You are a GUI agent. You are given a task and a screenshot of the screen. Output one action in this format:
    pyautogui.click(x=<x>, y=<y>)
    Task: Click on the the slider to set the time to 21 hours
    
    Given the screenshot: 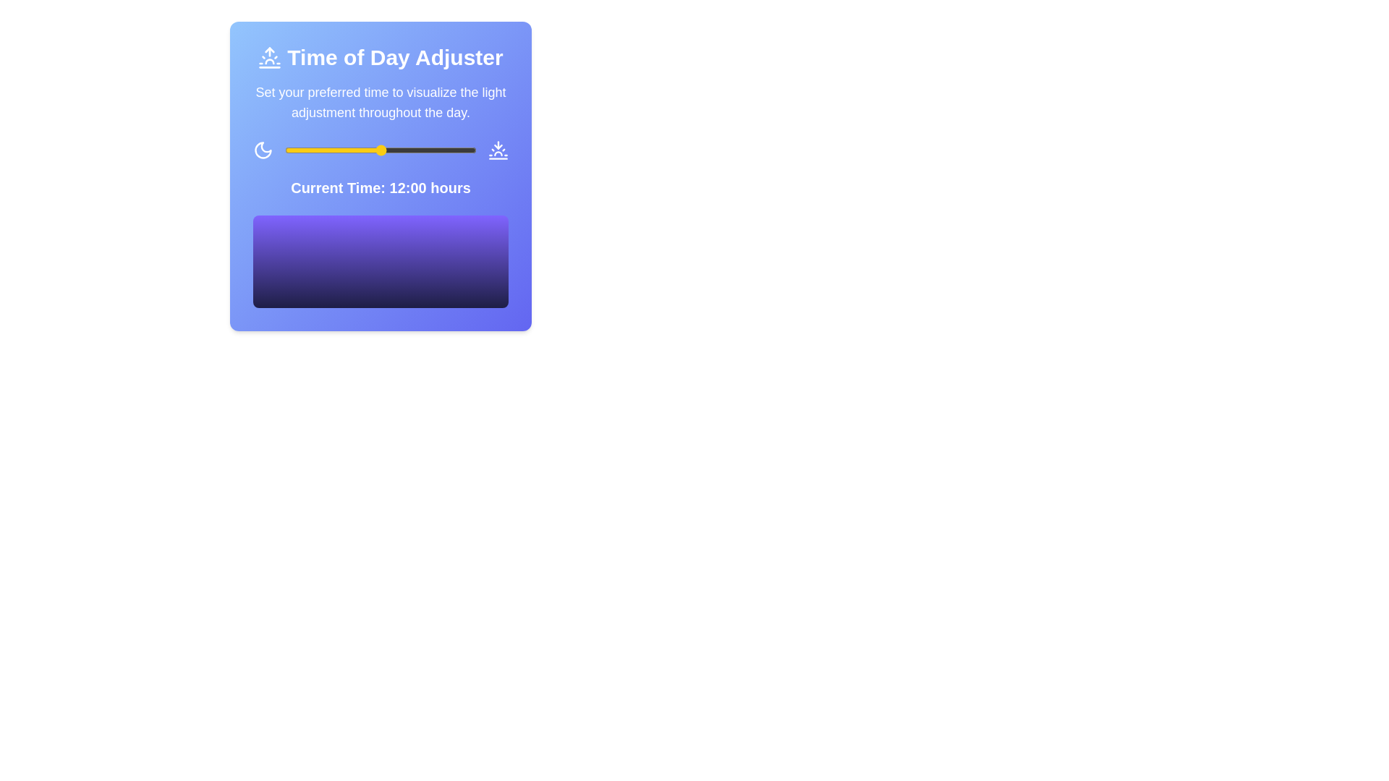 What is the action you would take?
    pyautogui.click(x=451, y=150)
    